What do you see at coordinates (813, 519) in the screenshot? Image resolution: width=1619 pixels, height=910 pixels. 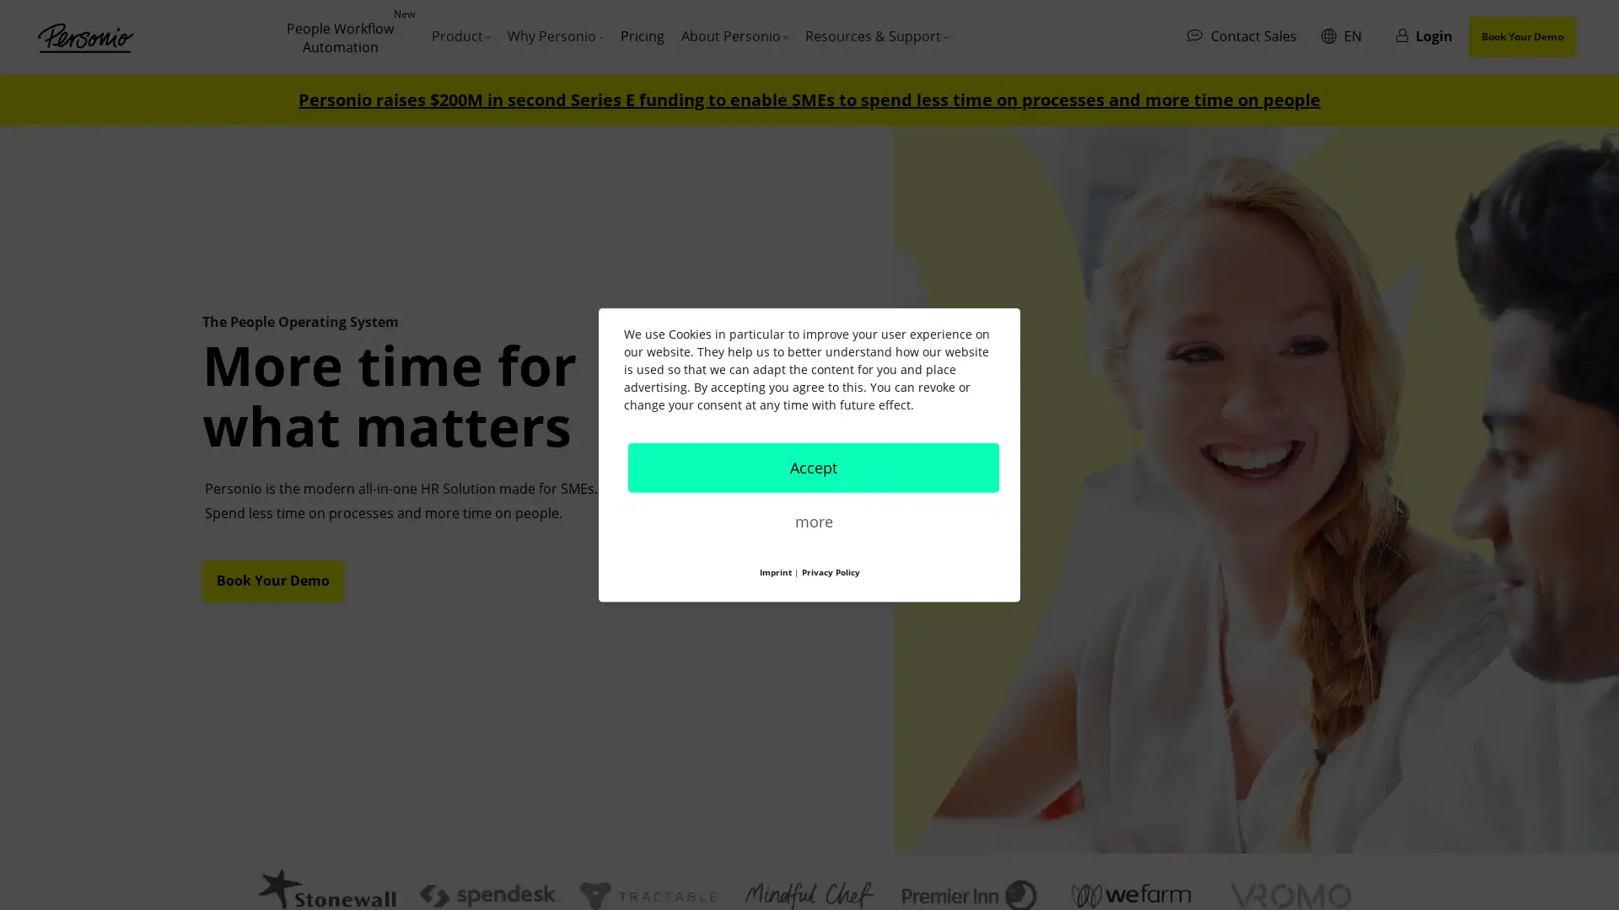 I see `more` at bounding box center [813, 519].